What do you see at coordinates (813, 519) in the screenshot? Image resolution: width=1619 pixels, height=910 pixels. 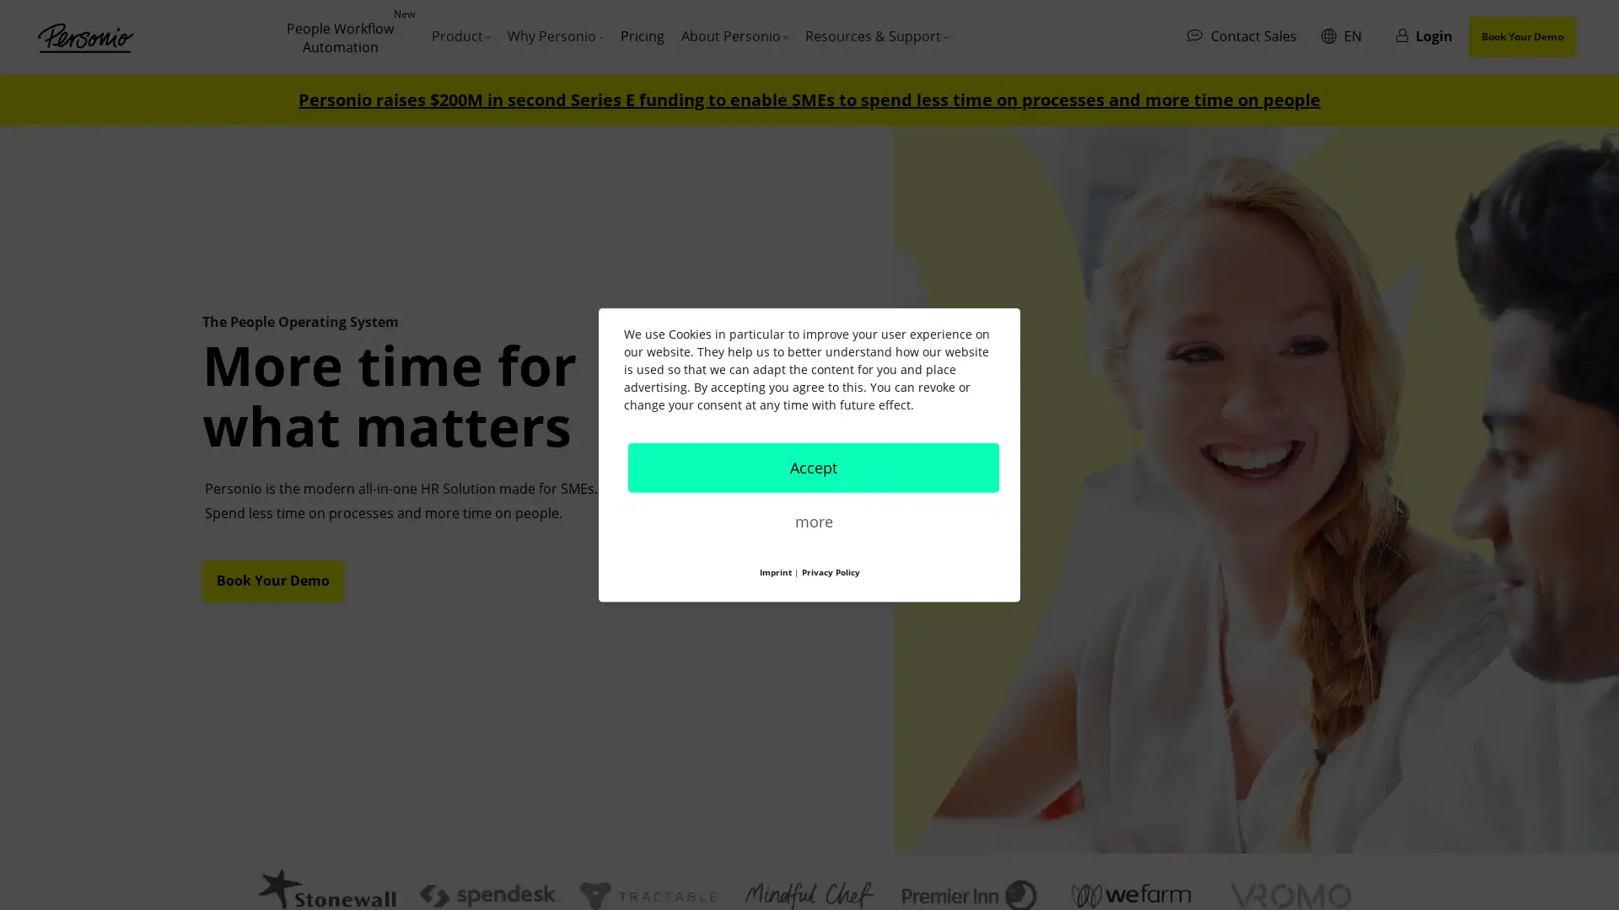 I see `more` at bounding box center [813, 519].